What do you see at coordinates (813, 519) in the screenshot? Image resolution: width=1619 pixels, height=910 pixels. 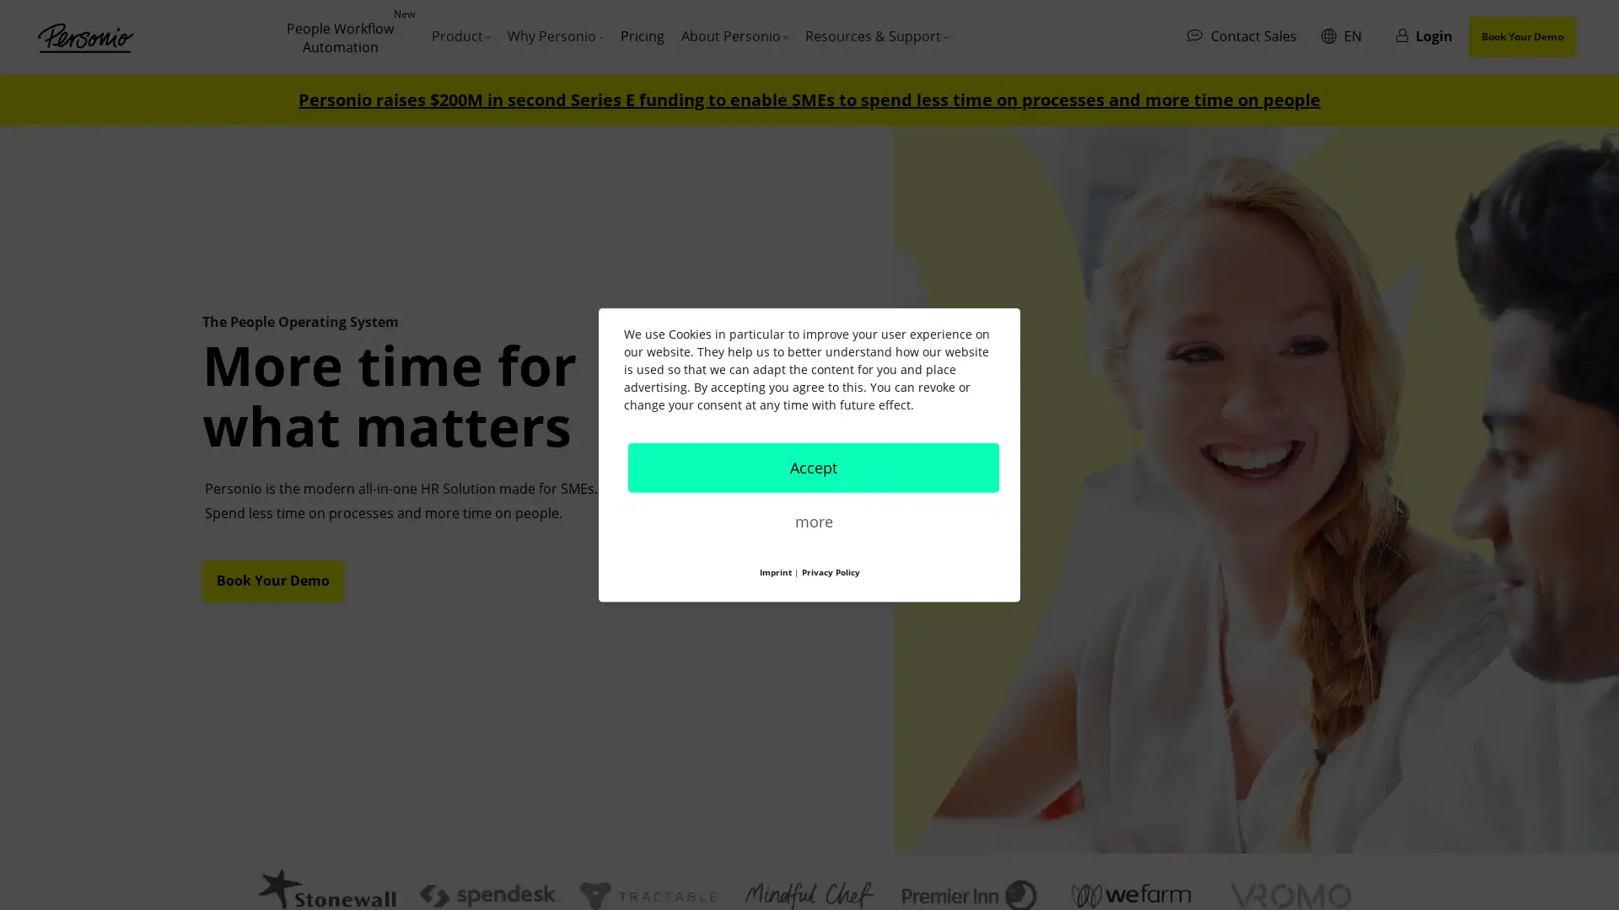 I see `more` at bounding box center [813, 519].